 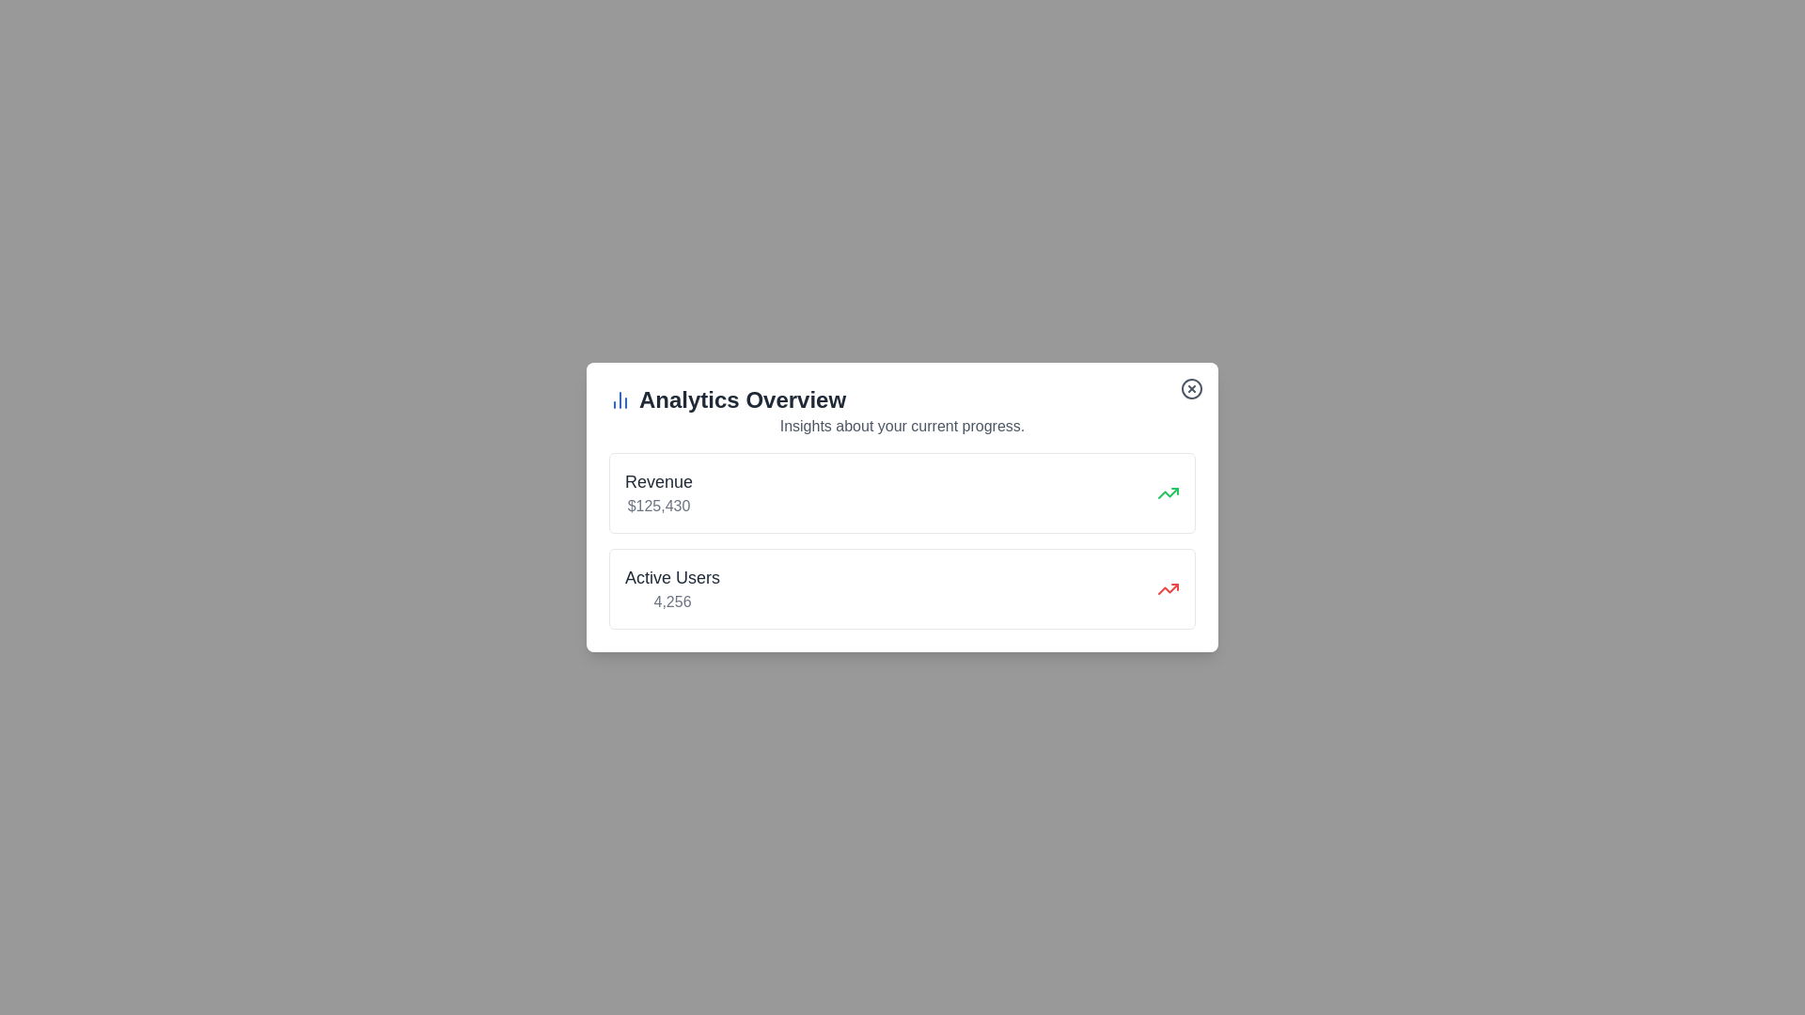 What do you see at coordinates (1168, 588) in the screenshot?
I see `the Graphic icon component that indicates a negative trend in the 'Active Users' metric, located towards the bottom-right of the main interface within the card layout` at bounding box center [1168, 588].